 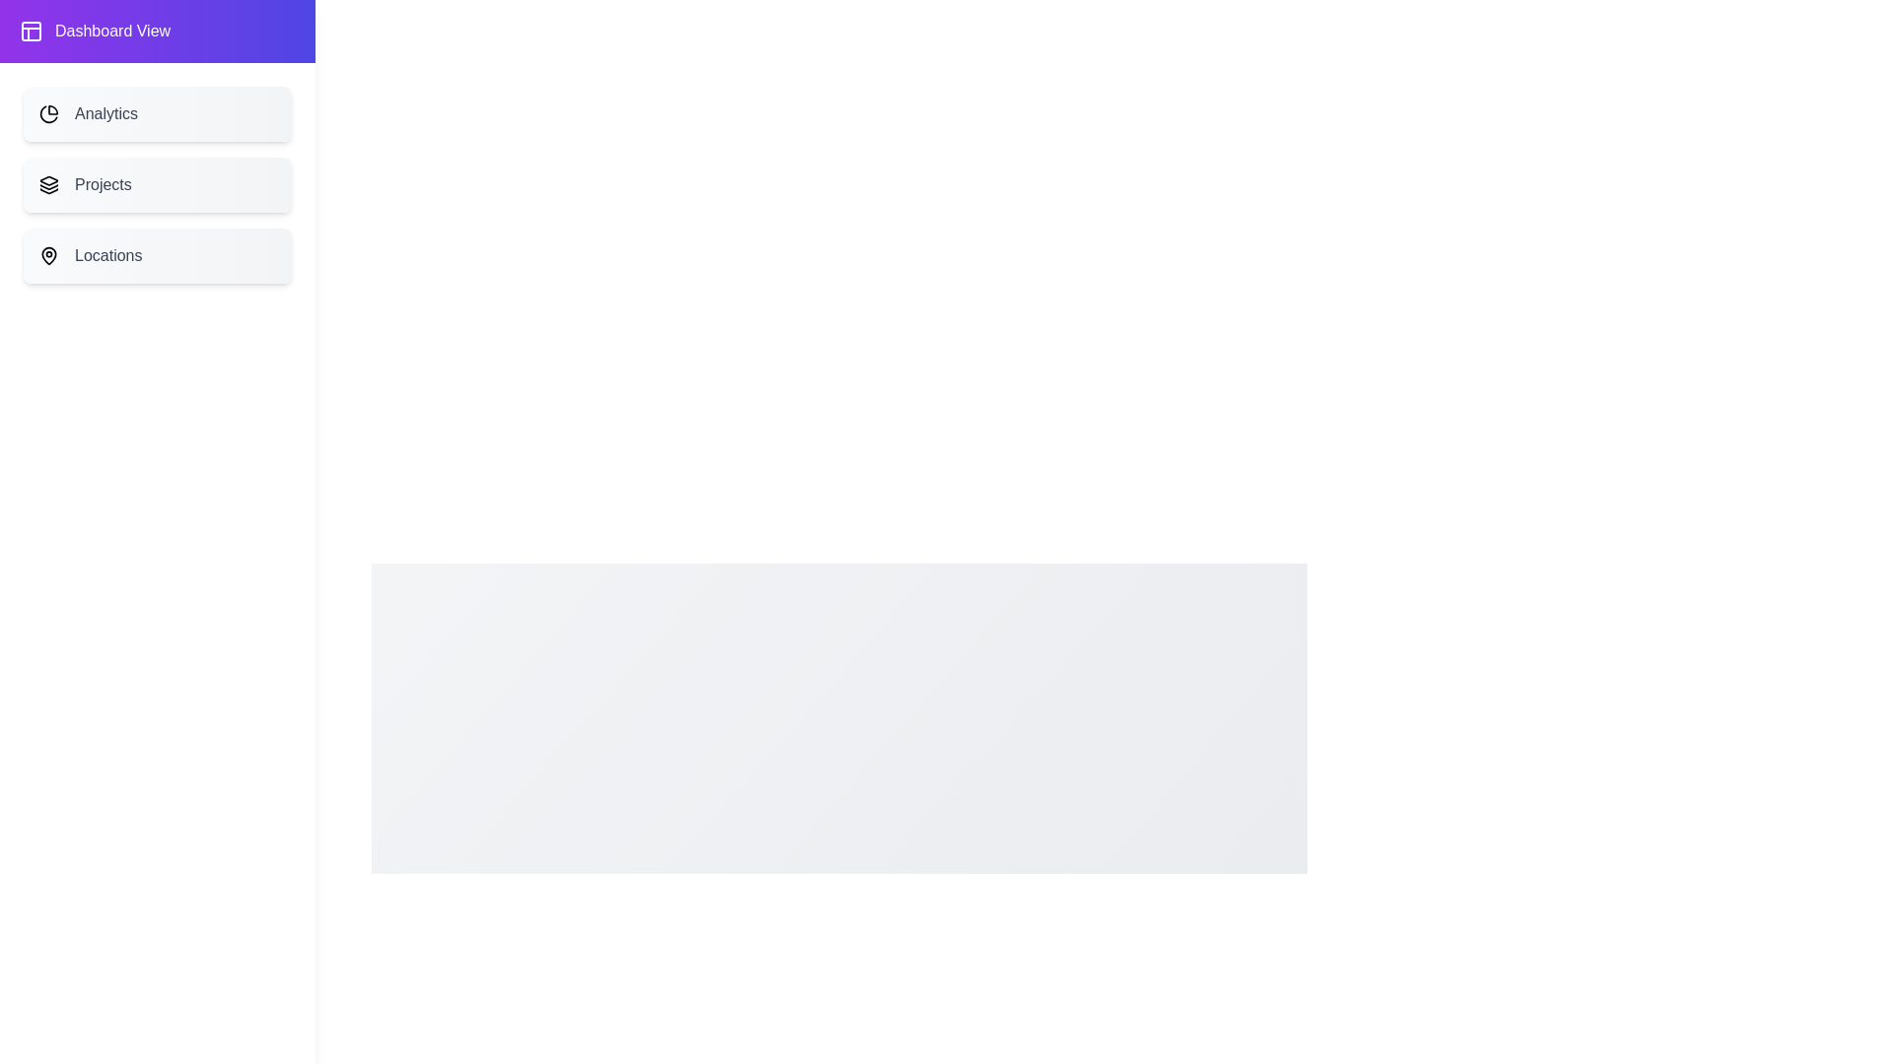 What do you see at coordinates (156, 113) in the screenshot?
I see `the menu item Analytics from the list` at bounding box center [156, 113].